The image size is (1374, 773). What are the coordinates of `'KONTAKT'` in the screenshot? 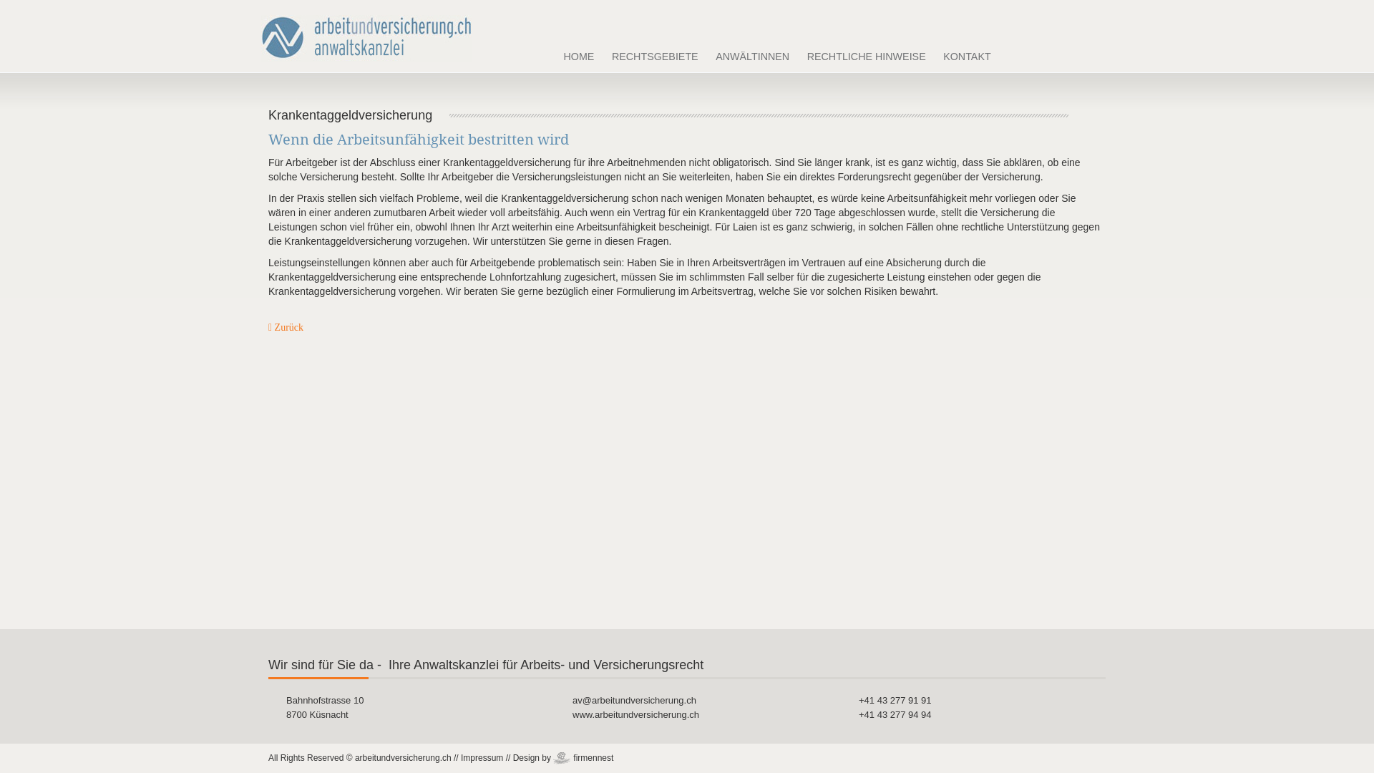 It's located at (967, 56).